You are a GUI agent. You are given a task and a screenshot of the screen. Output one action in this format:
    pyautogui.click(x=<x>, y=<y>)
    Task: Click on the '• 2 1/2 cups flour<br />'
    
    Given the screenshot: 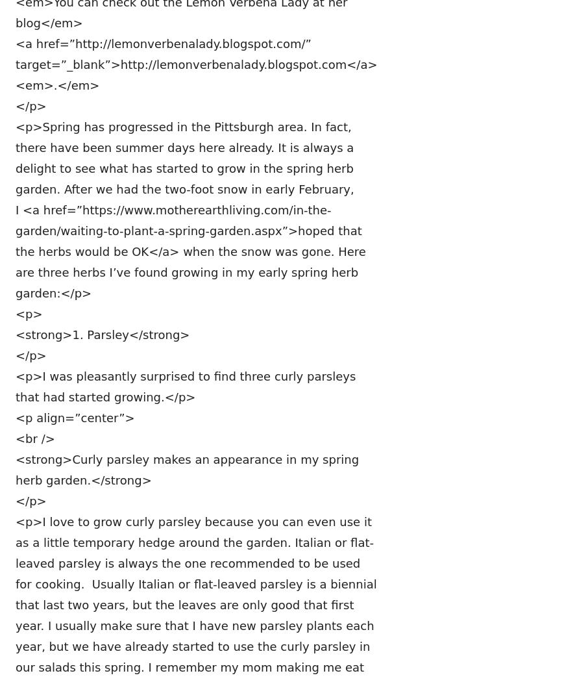 What is the action you would take?
    pyautogui.click(x=85, y=142)
    